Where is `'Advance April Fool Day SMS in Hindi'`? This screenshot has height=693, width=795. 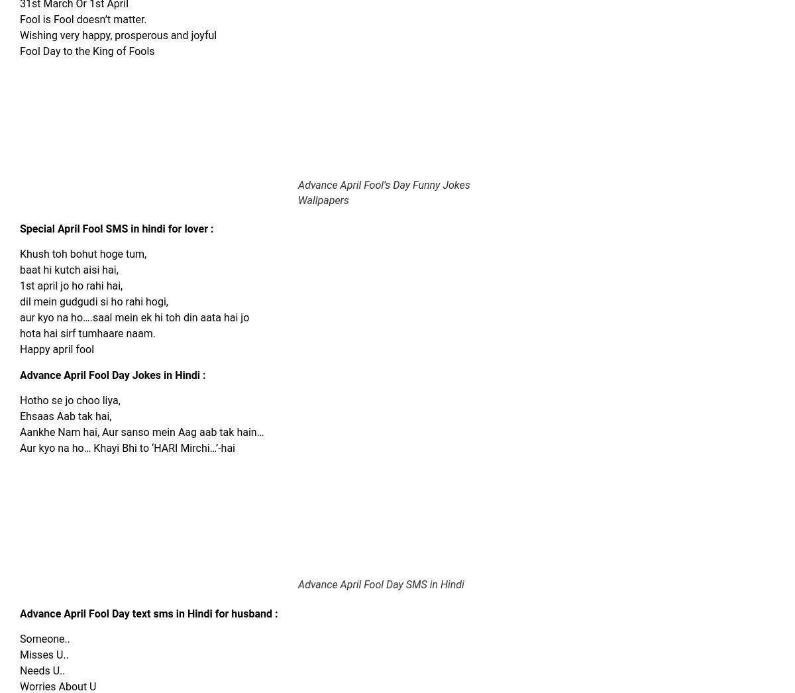
'Advance April Fool Day SMS in Hindi' is located at coordinates (380, 584).